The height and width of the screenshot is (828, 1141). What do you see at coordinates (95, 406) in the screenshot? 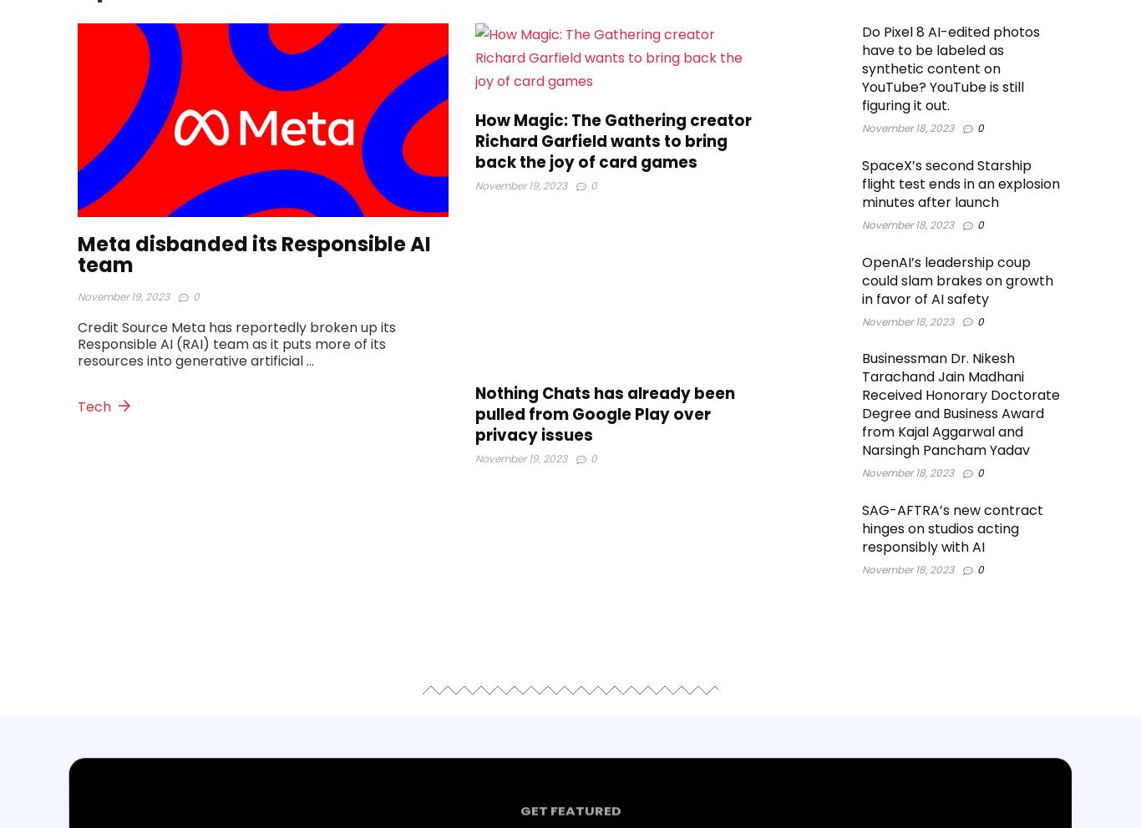
I see `'Tech'` at bounding box center [95, 406].